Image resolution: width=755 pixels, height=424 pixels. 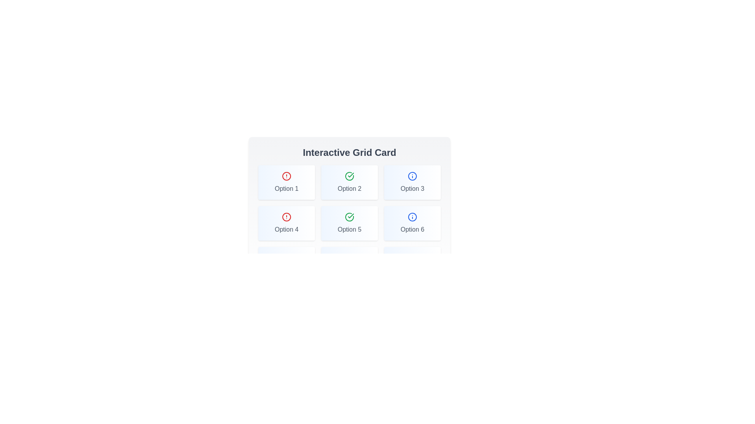 What do you see at coordinates (286, 175) in the screenshot?
I see `the alert icon located at the top-left corner of the 'Interactive Grid Card', which indicates that the associated option or action requires attention` at bounding box center [286, 175].